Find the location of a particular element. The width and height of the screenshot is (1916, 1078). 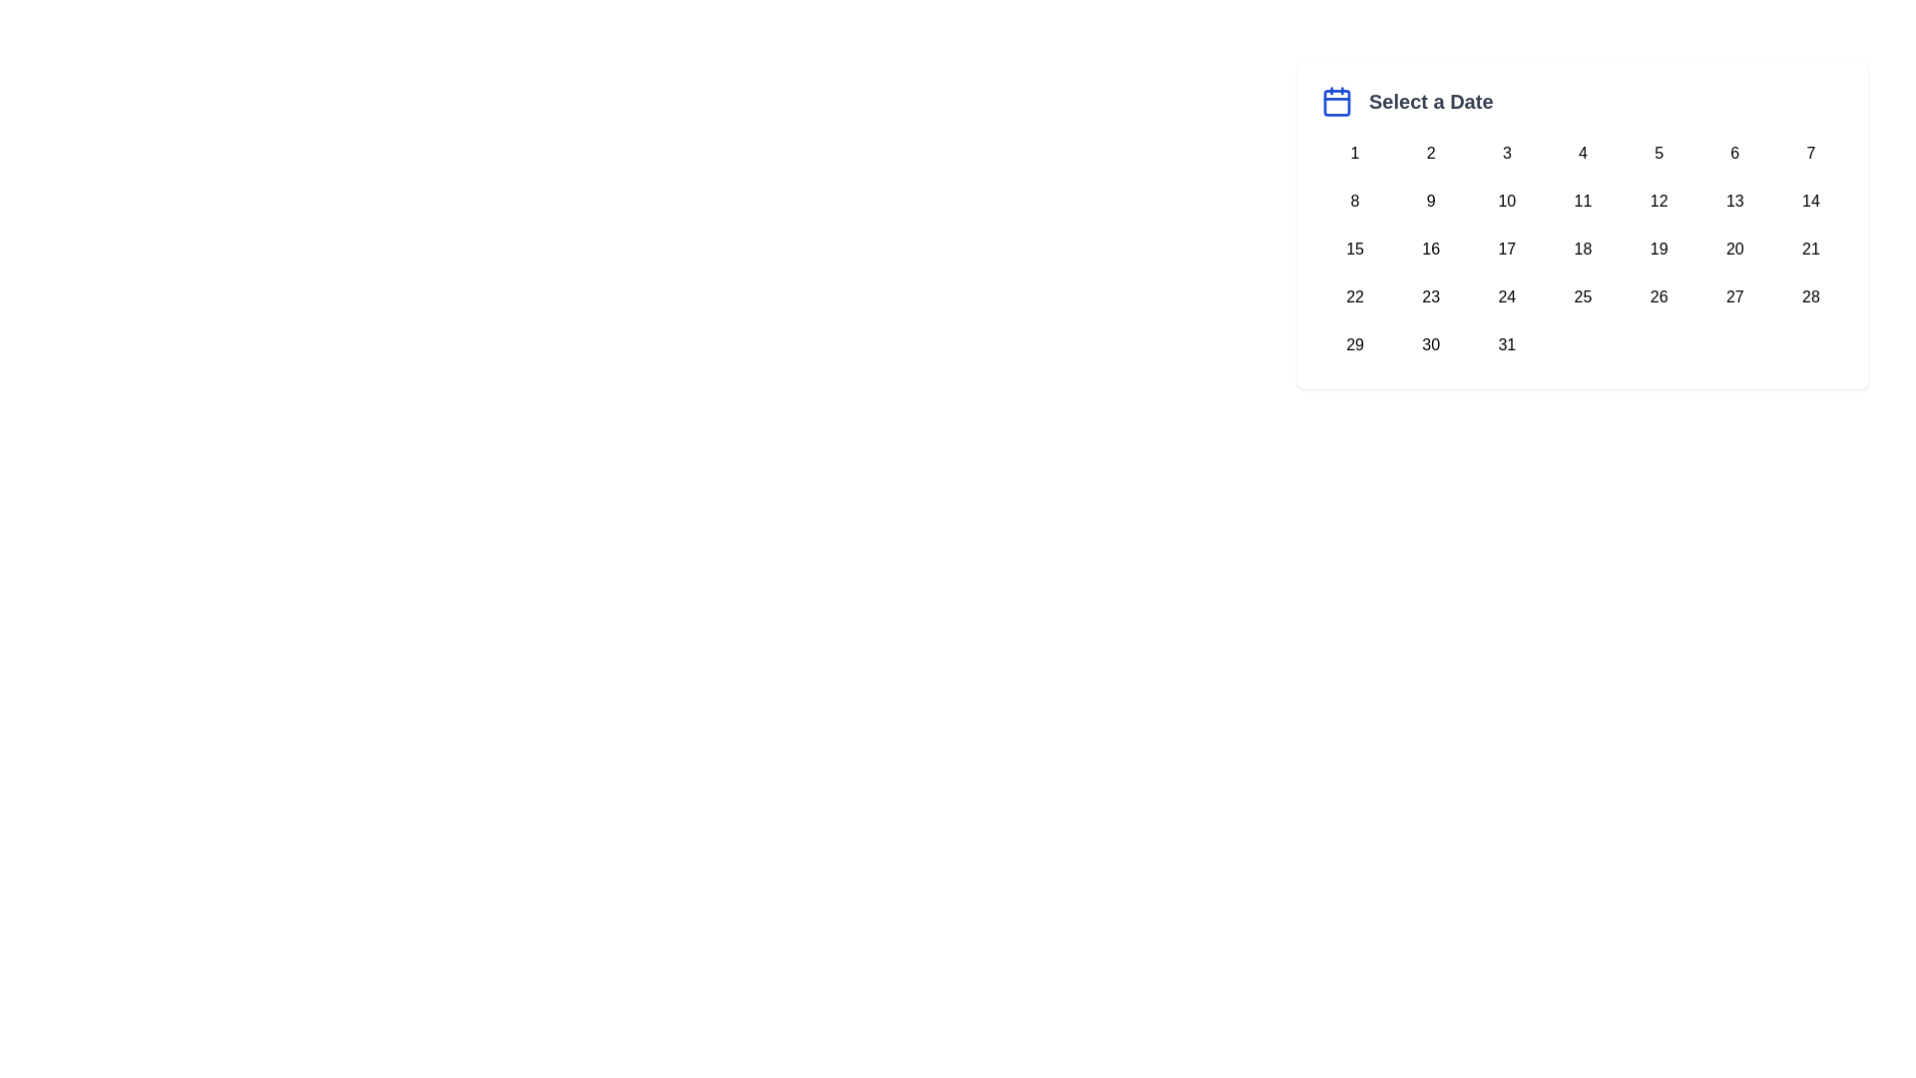

the button styled as a selectable calendar date for selecting the date '31' is located at coordinates (1507, 344).